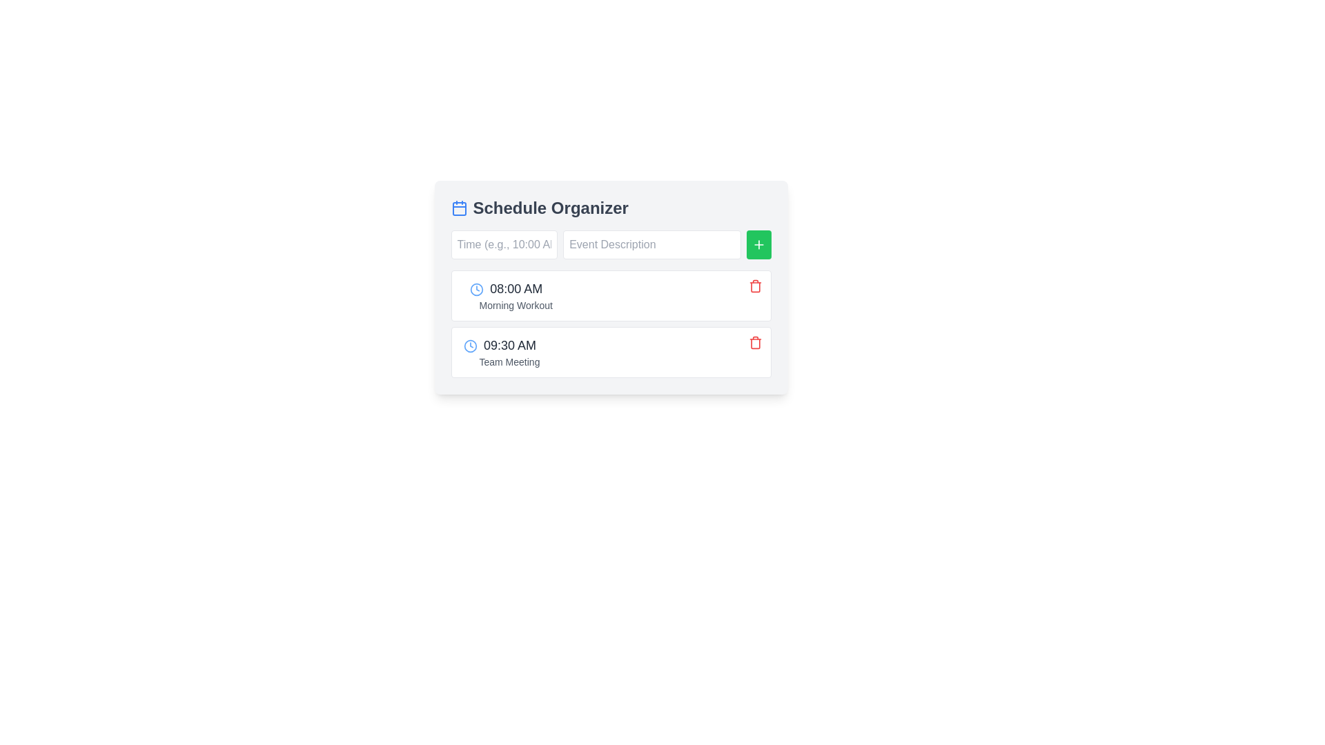  I want to click on the Header with an icon titled 'Schedule Organizer', which includes a calendar icon on the left, so click(610, 208).